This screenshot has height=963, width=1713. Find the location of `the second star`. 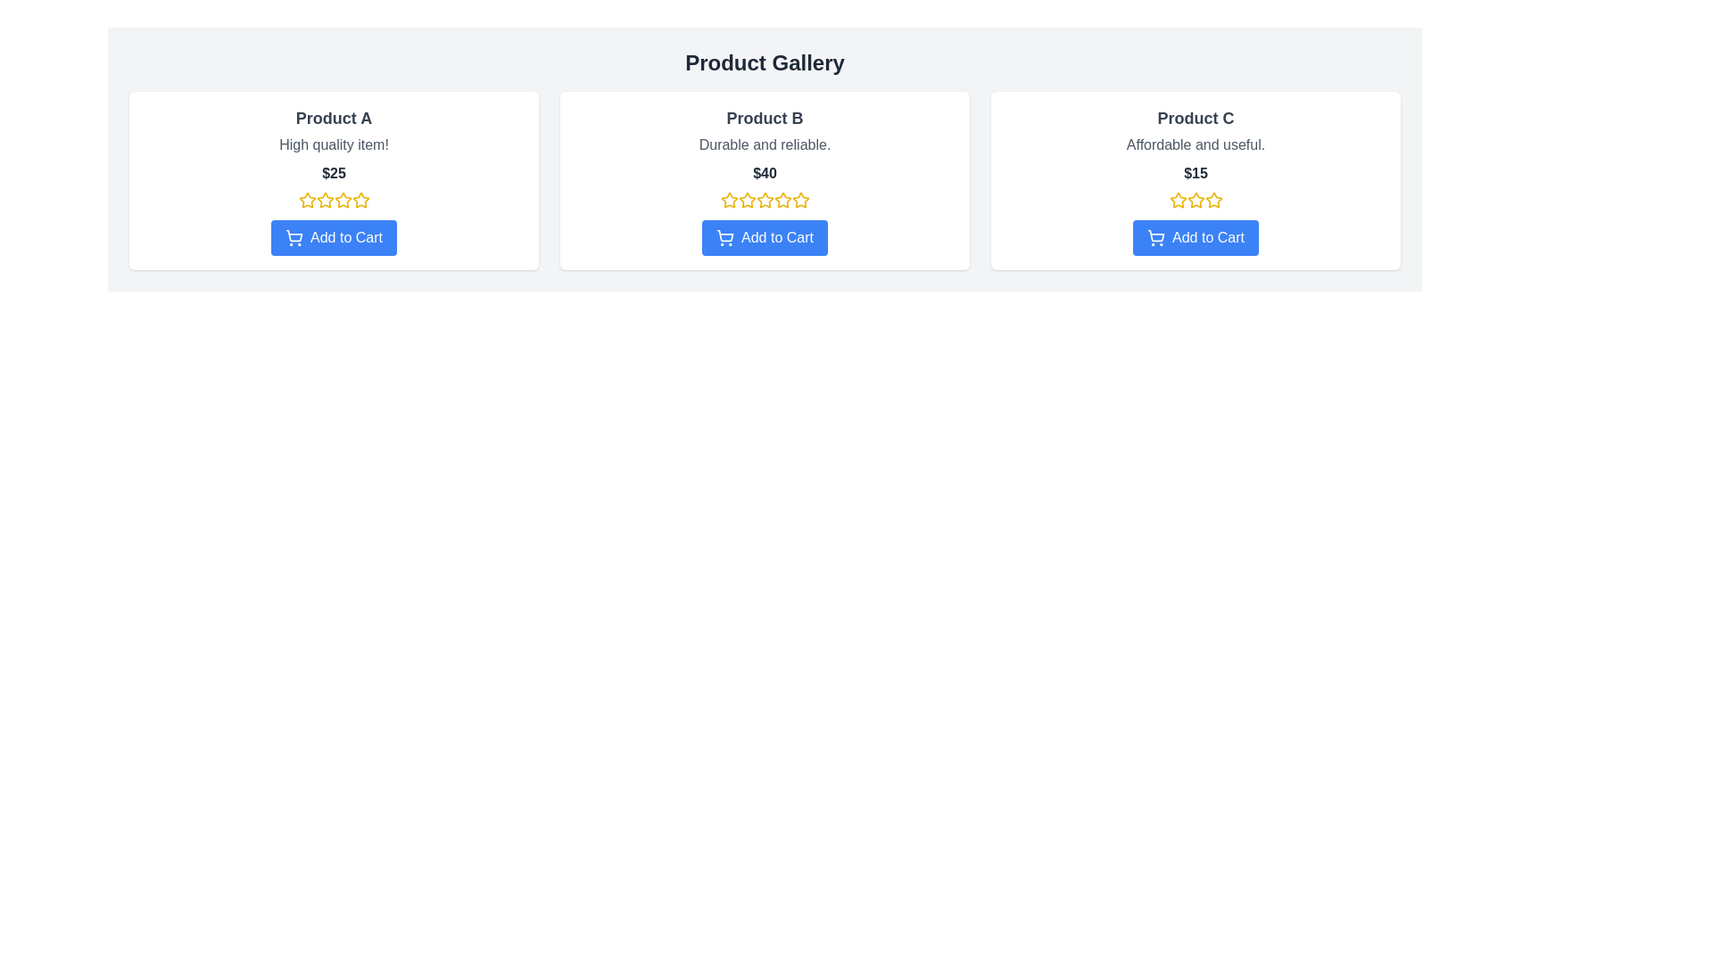

the second star is located at coordinates (360, 200).